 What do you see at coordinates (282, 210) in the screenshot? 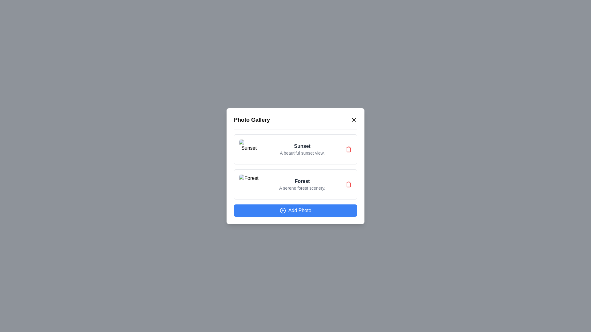
I see `the decorative icon located to the left of the text 'Add Photo' within the blue button labeled 'Add Photo'` at bounding box center [282, 210].